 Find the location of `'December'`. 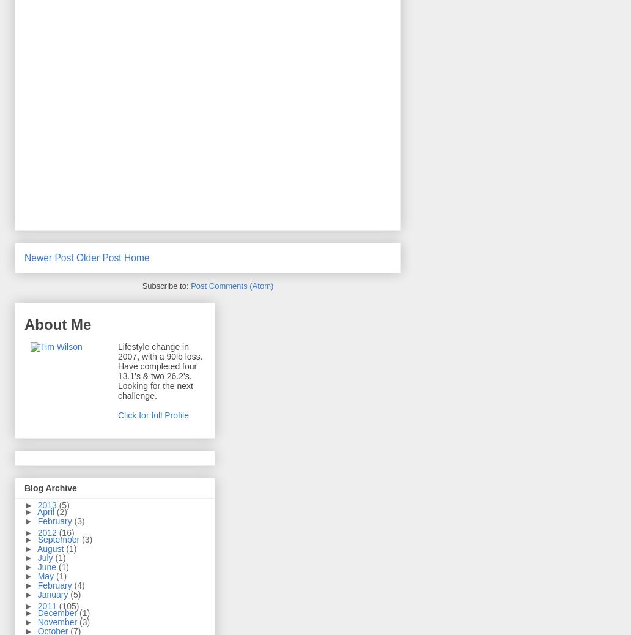

'December' is located at coordinates (58, 612).